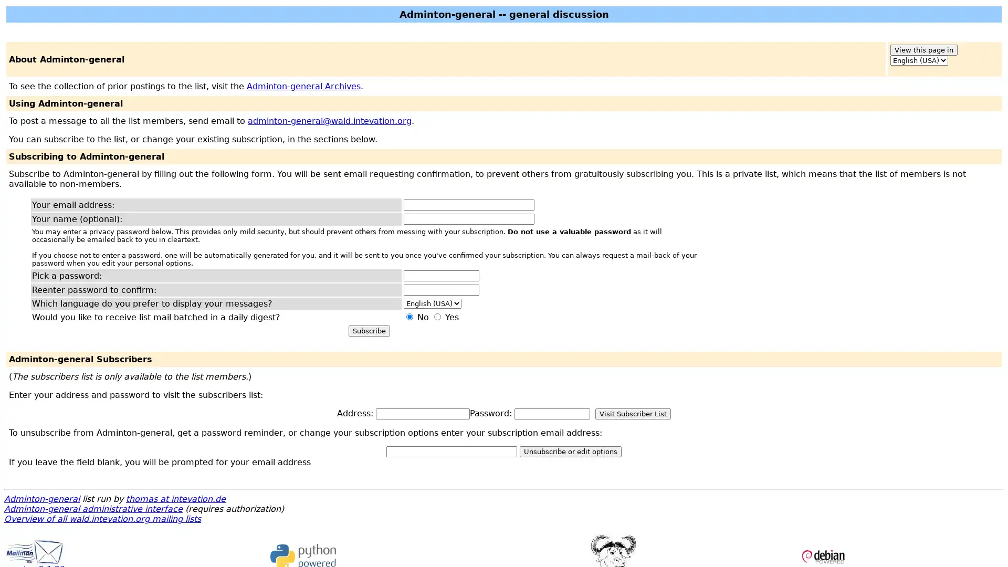 The image size is (1008, 567). What do you see at coordinates (924, 50) in the screenshot?
I see `View this page in` at bounding box center [924, 50].